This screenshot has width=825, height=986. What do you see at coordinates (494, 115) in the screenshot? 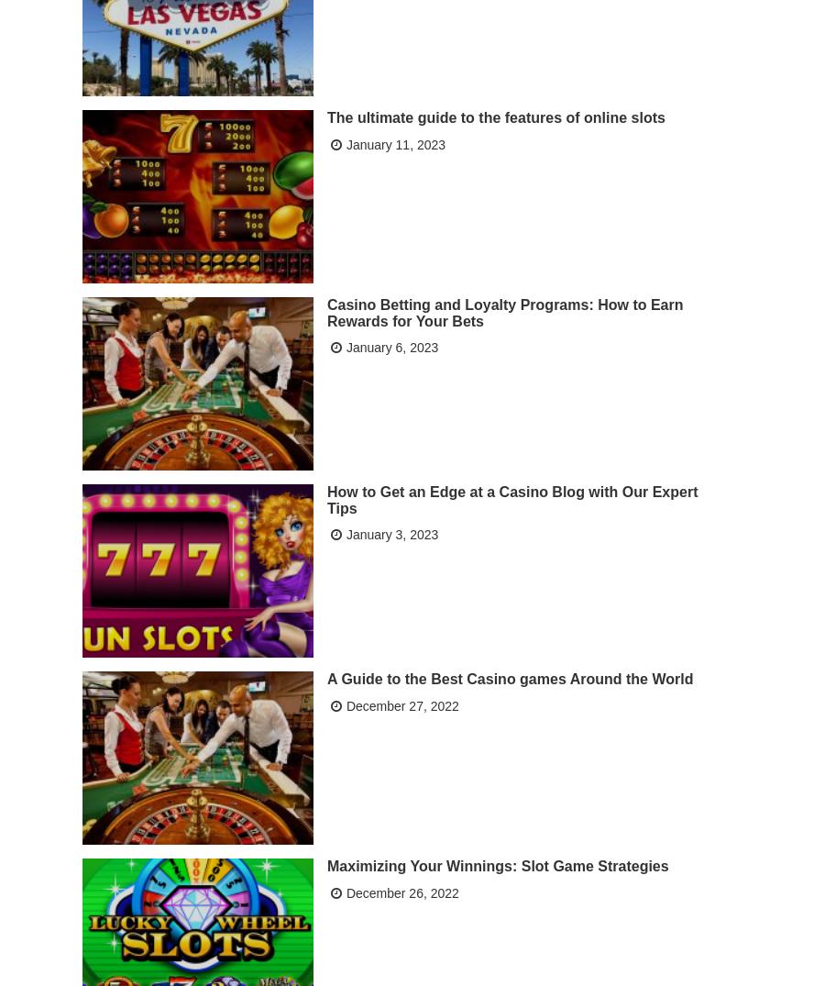
I see `'The ultimate guide to the features of online slots'` at bounding box center [494, 115].